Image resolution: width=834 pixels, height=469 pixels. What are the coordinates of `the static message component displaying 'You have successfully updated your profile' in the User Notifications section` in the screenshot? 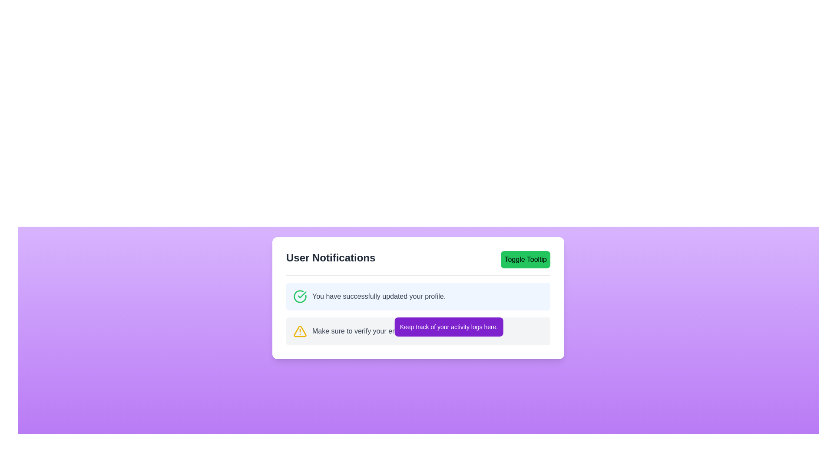 It's located at (369, 296).